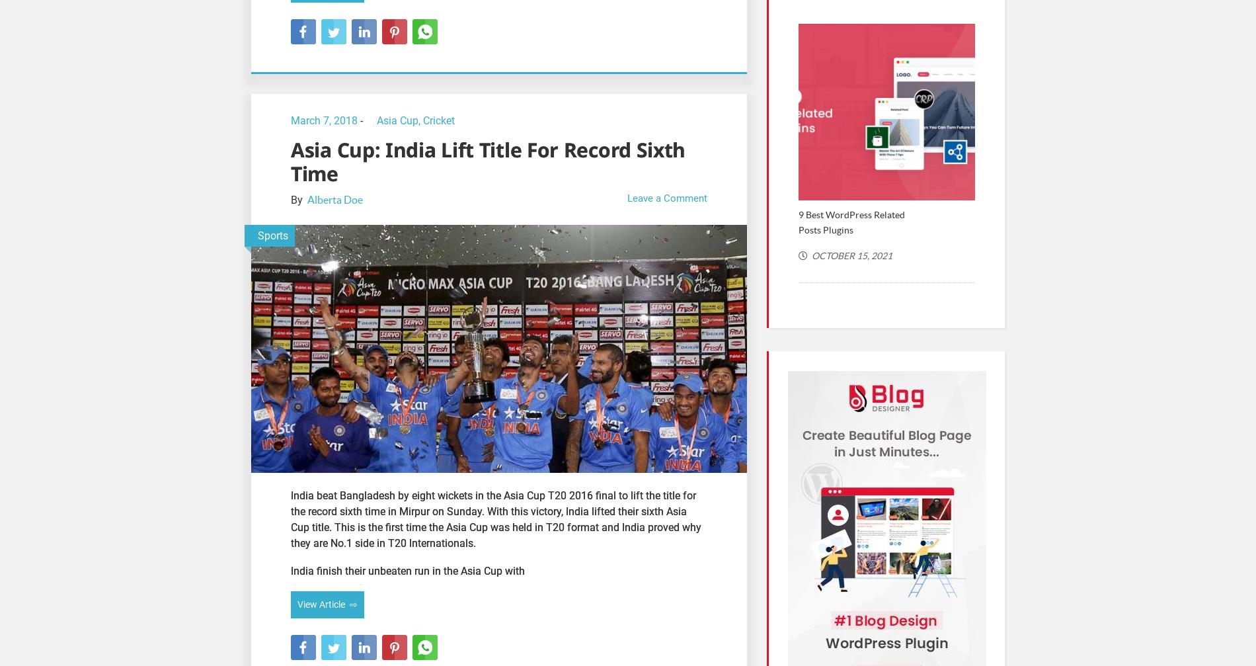 The width and height of the screenshot is (1256, 666). What do you see at coordinates (334, 199) in the screenshot?
I see `'Alberta Doe'` at bounding box center [334, 199].